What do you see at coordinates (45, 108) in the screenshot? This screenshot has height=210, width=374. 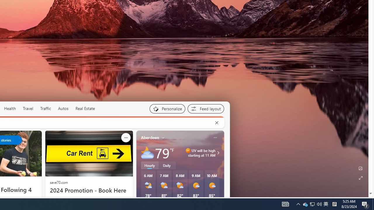 I see `'Traffic'` at bounding box center [45, 108].